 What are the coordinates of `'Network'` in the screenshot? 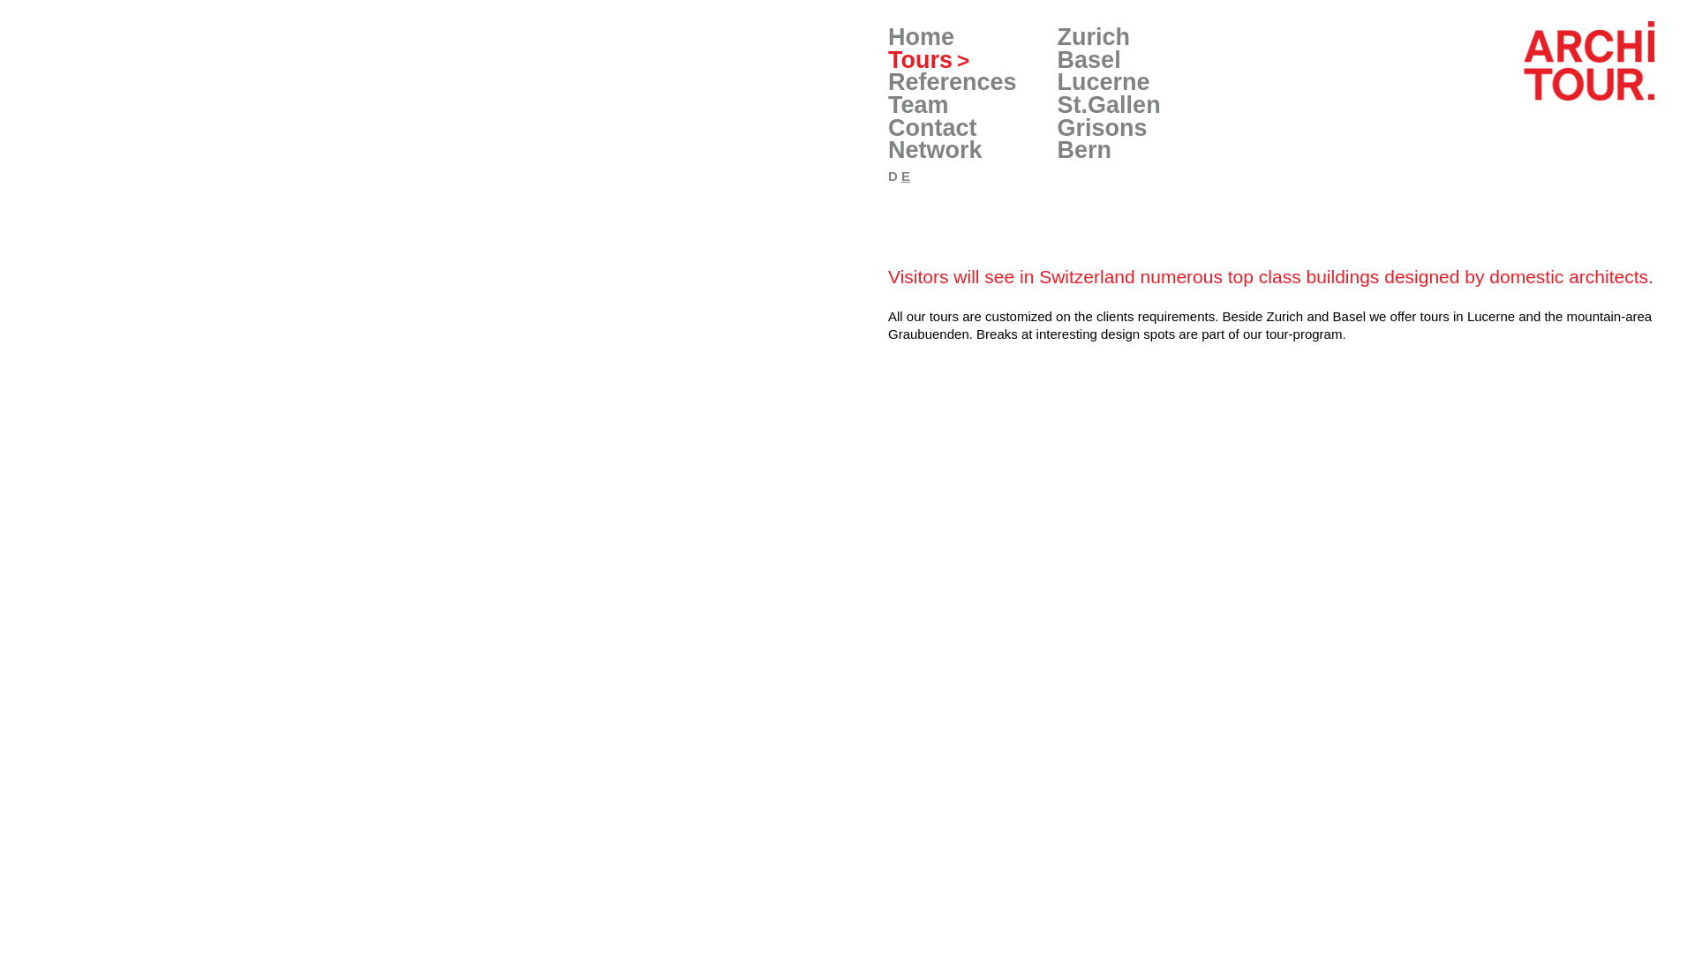 It's located at (888, 148).